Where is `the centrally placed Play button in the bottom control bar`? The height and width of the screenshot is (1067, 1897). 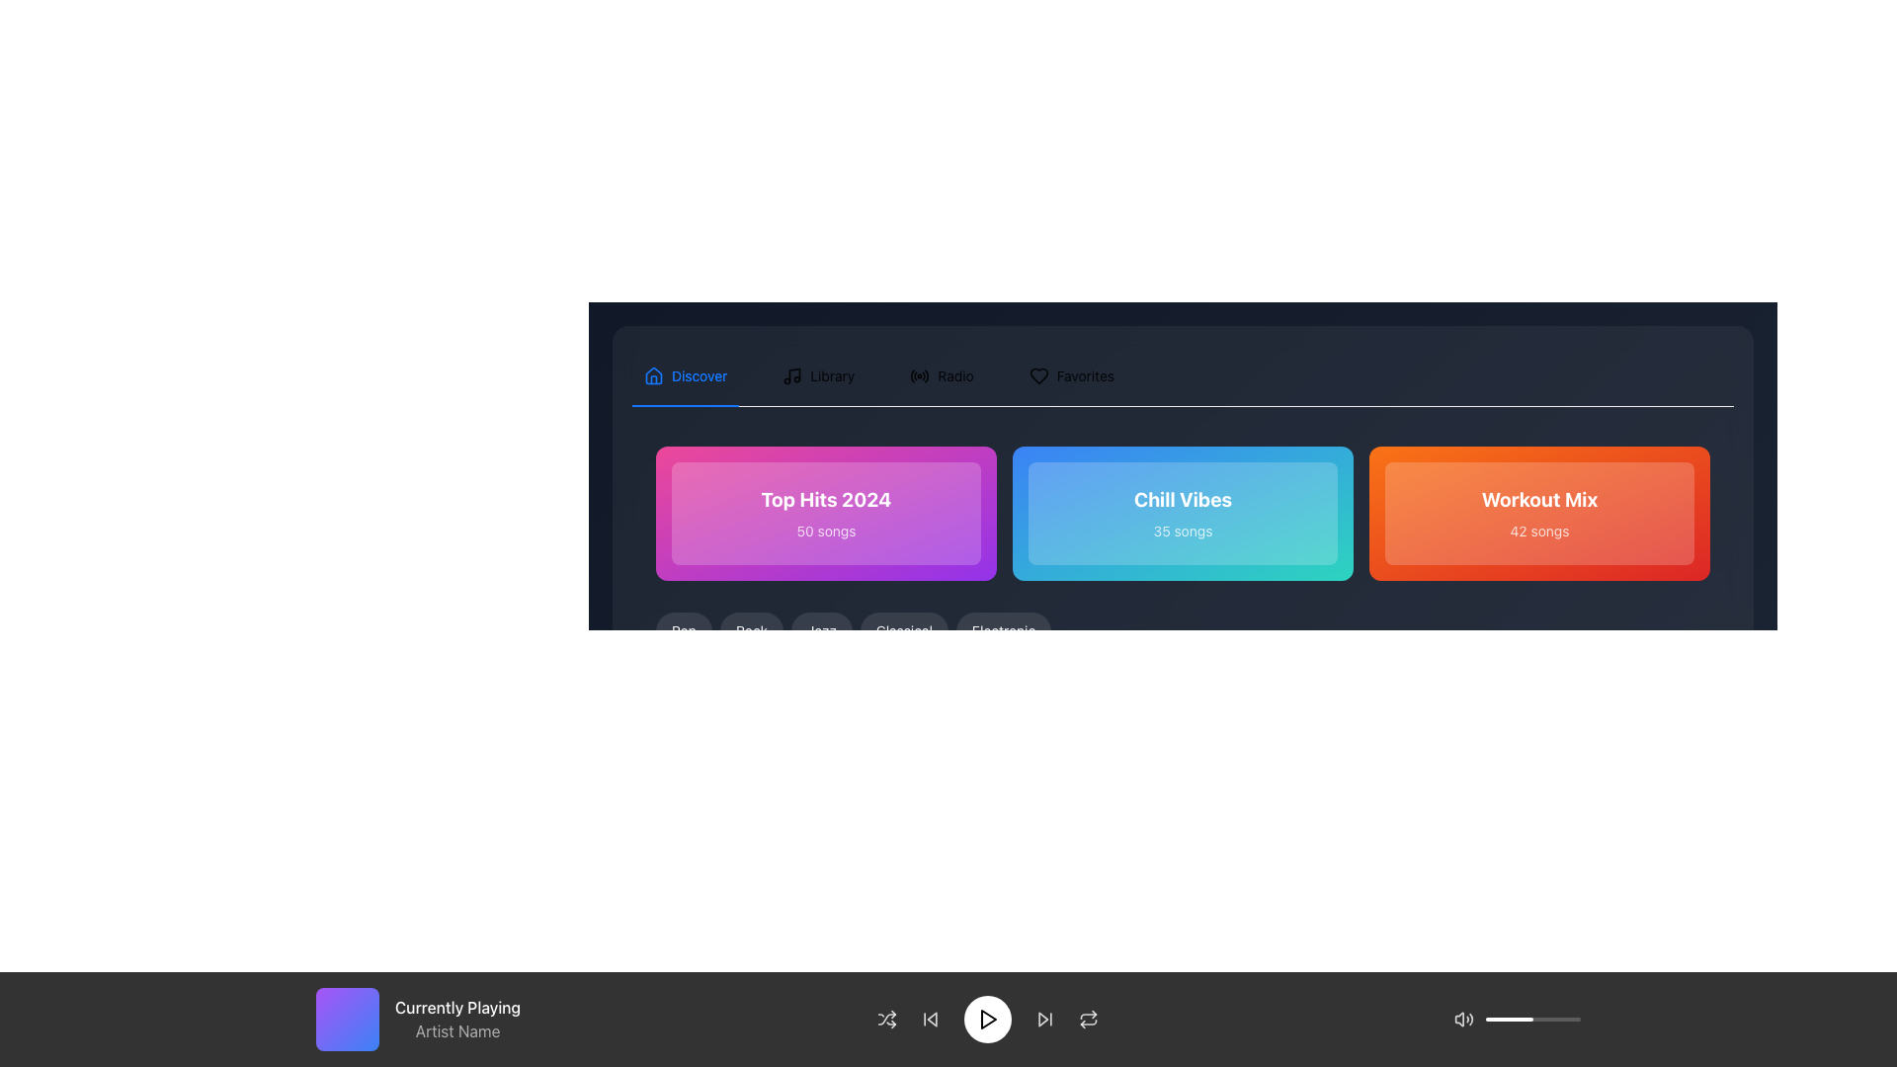
the centrally placed Play button in the bottom control bar is located at coordinates (987, 1020).